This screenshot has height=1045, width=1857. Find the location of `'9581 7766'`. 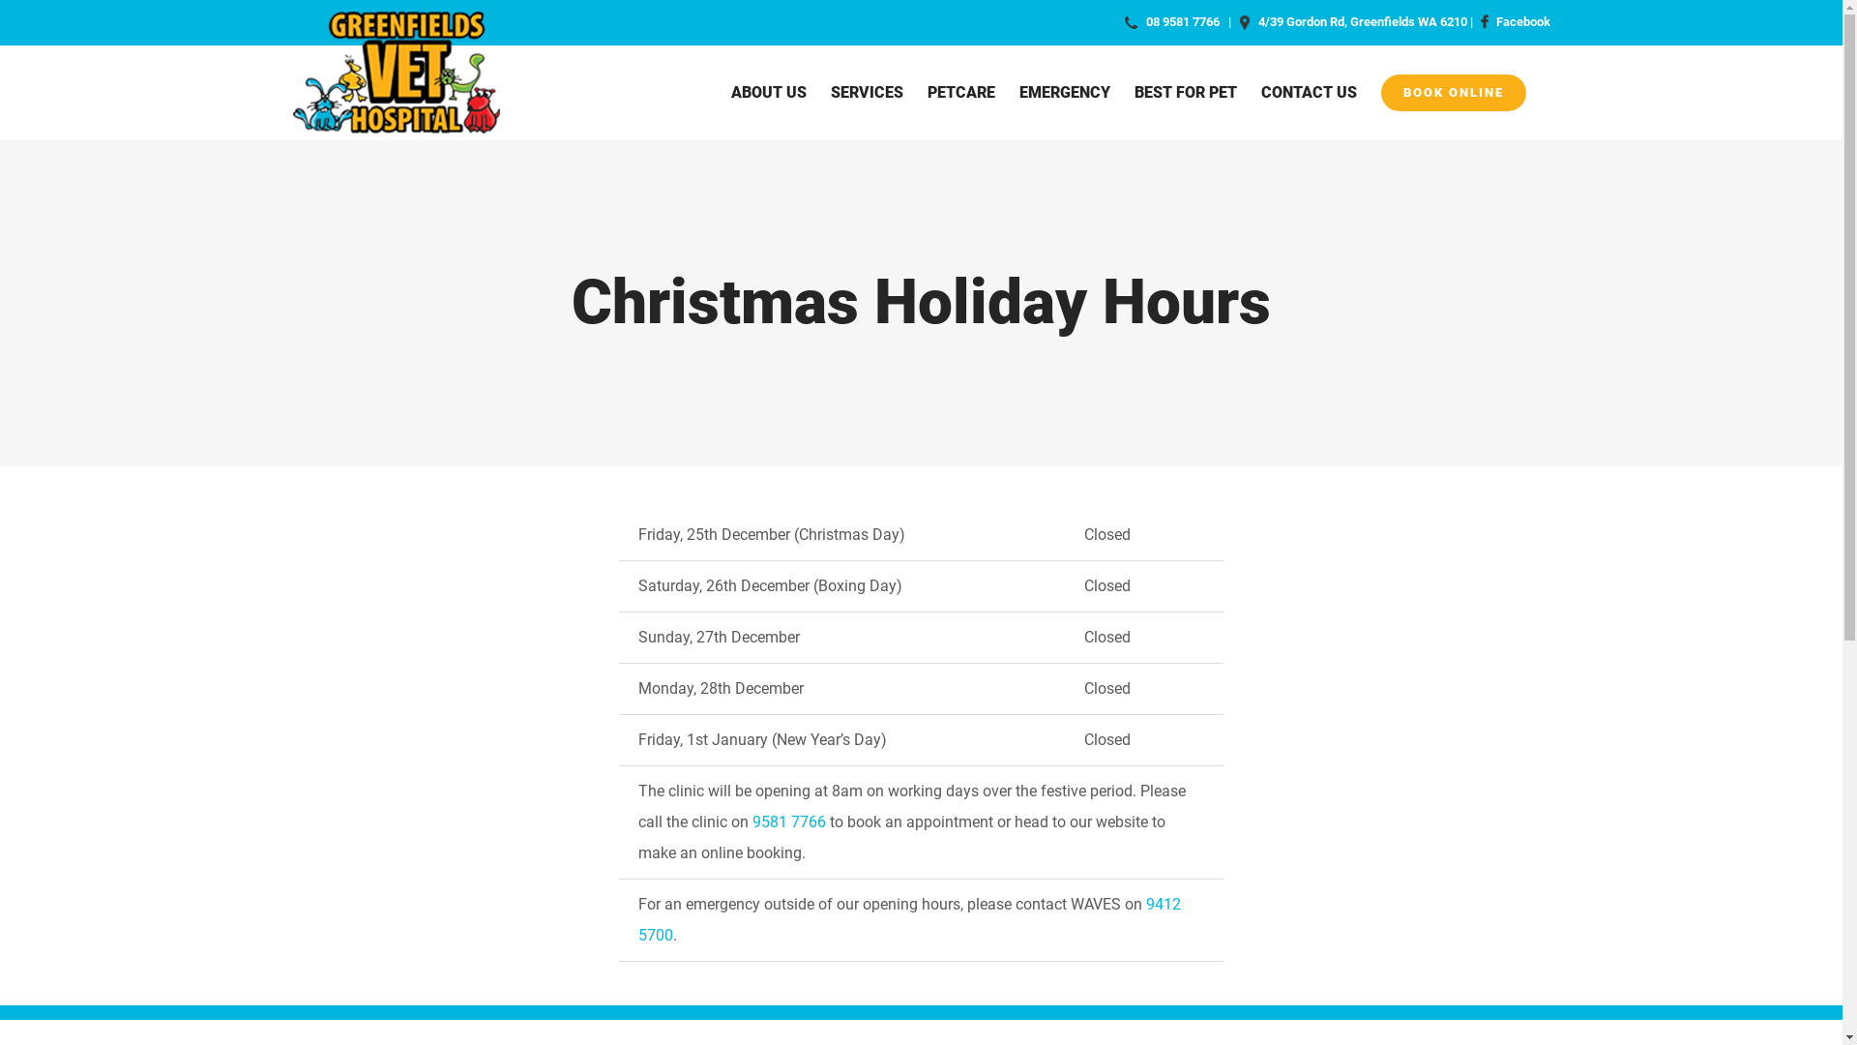

'9581 7766' is located at coordinates (789, 821).